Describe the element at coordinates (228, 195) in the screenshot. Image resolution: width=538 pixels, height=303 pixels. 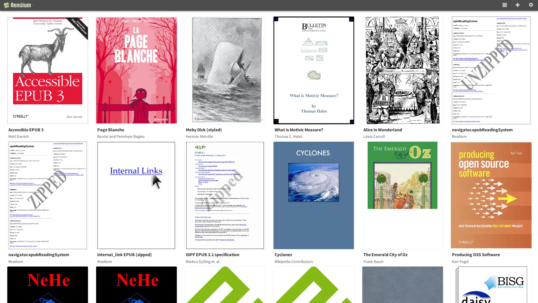
I see `(9) IDPF EPUB 3.1 specification` at that location.